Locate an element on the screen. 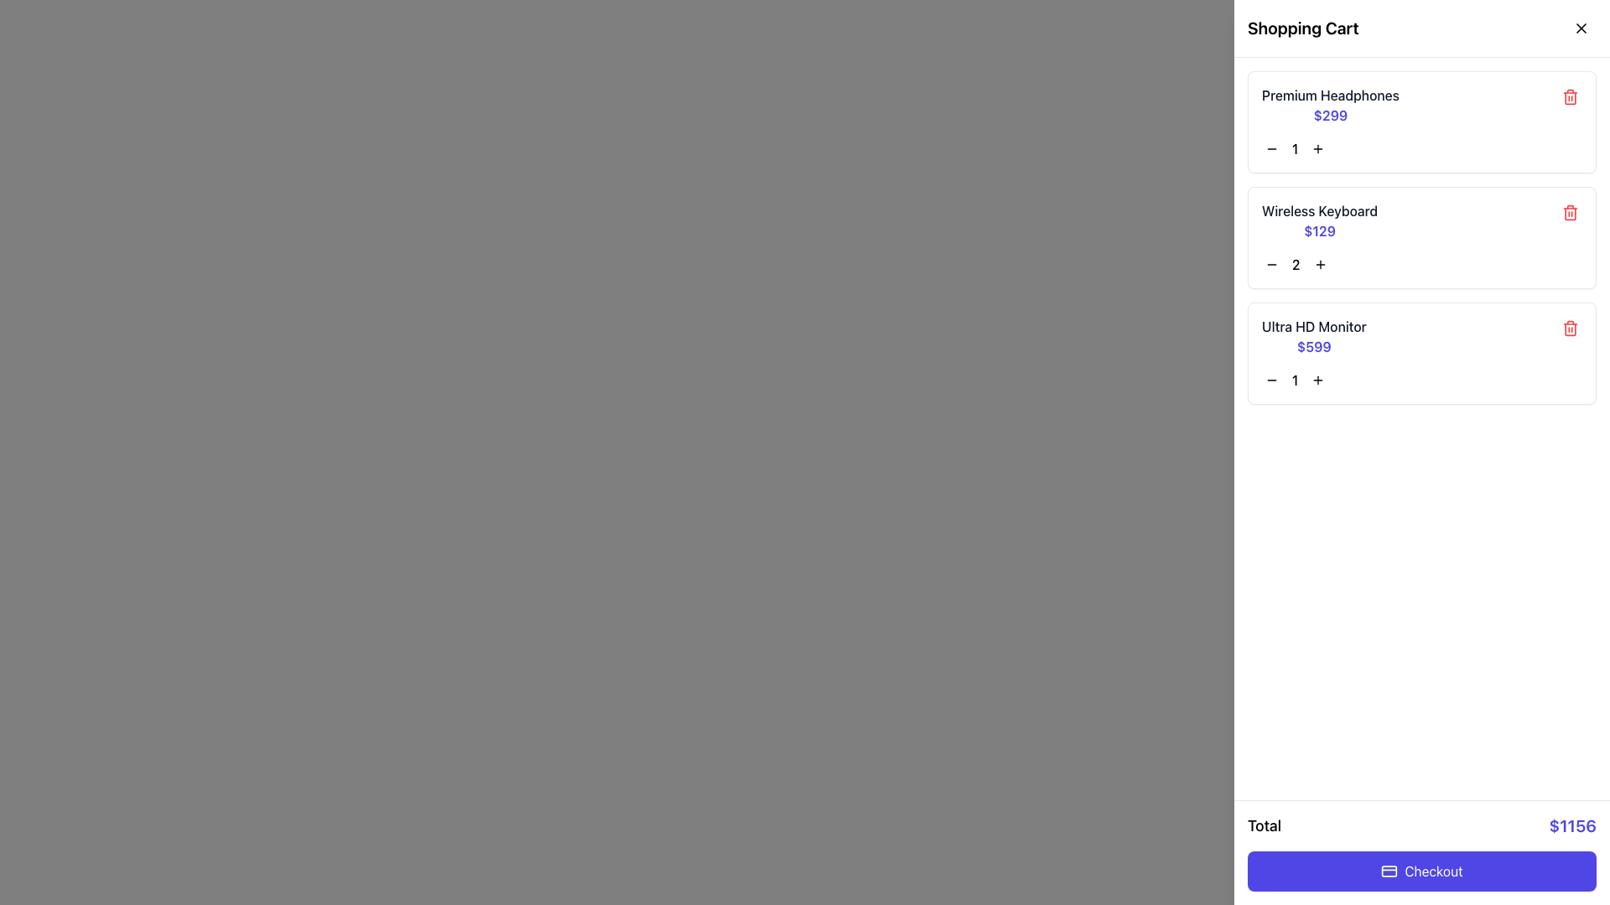 The height and width of the screenshot is (905, 1610). the text displaying the current quantity of the selected 'Ultra HD Monitor' item in the shopping cart, located between the minus ('−') and plus ('+') buttons is located at coordinates (1294, 380).